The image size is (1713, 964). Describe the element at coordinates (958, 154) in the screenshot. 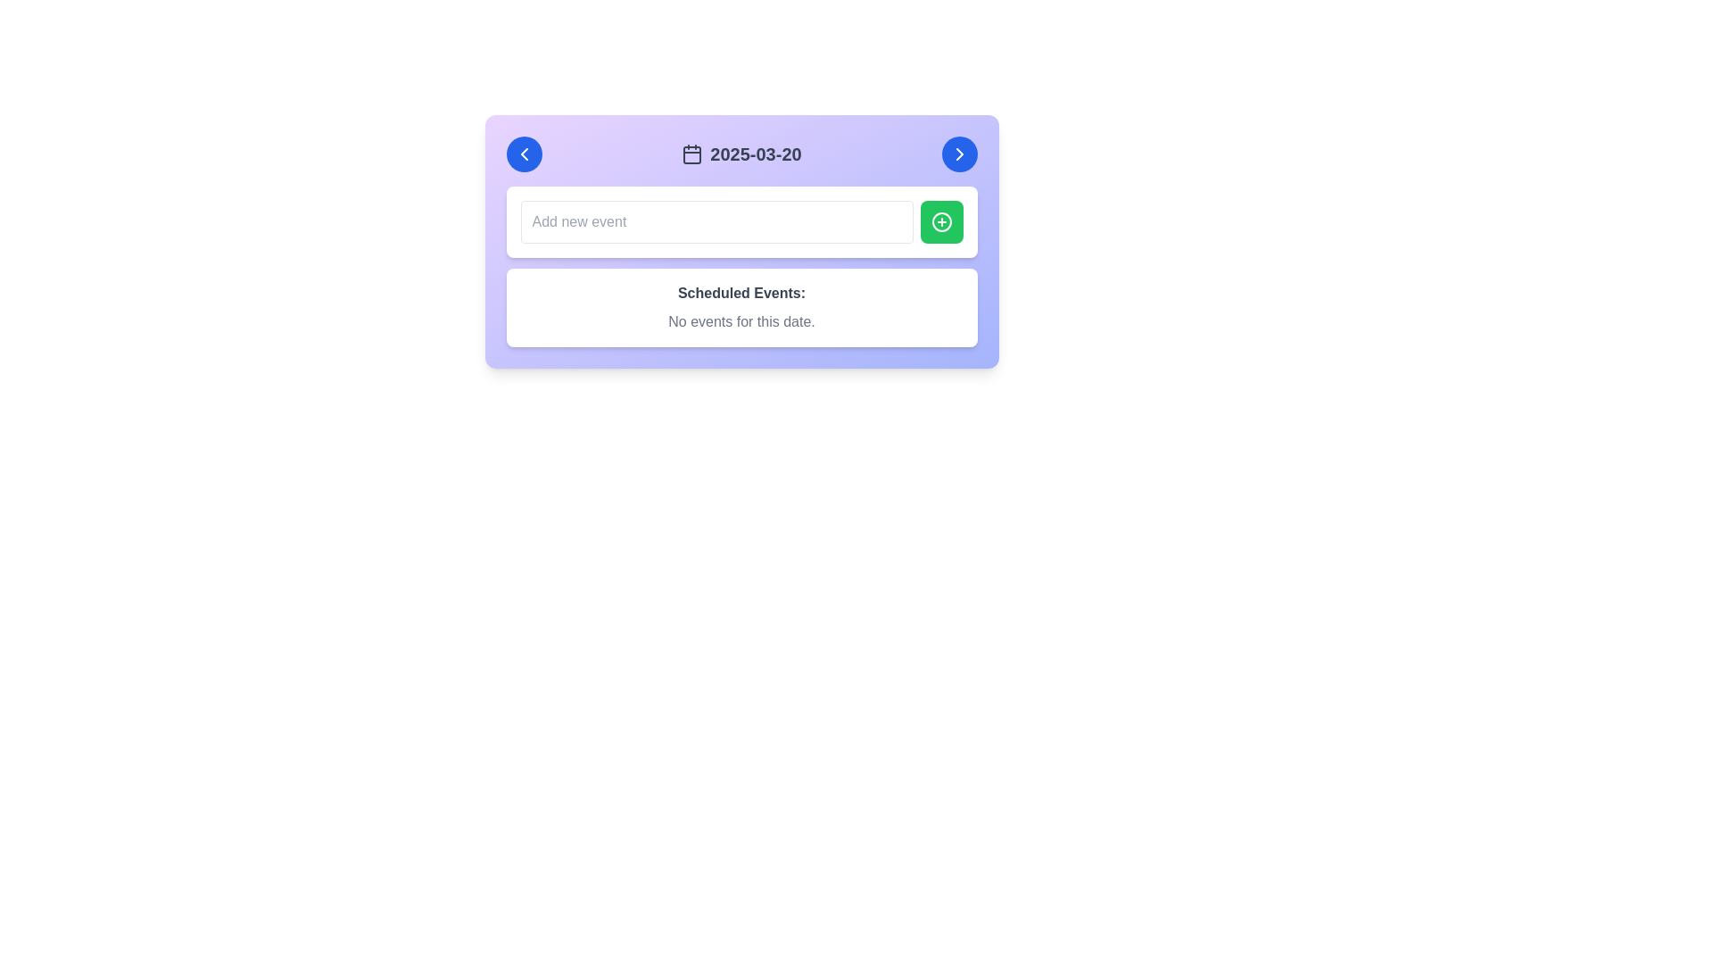

I see `the navigation button located at the top right corner of the card labeled '2025-03-20' to observe the hover effect` at that location.